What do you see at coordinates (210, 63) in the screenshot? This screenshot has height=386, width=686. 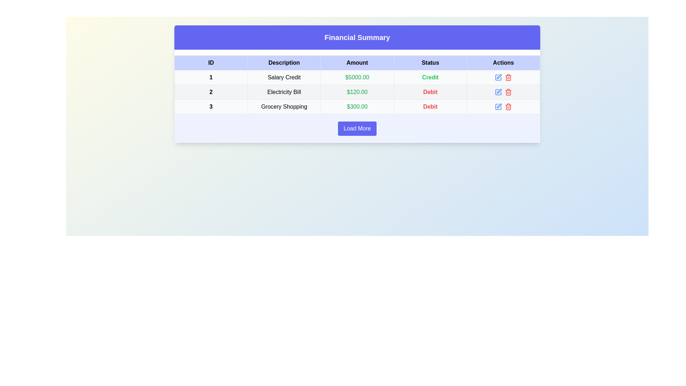 I see `the table header labeled 'ID', which is the first column header in a row of headers within a table` at bounding box center [210, 63].